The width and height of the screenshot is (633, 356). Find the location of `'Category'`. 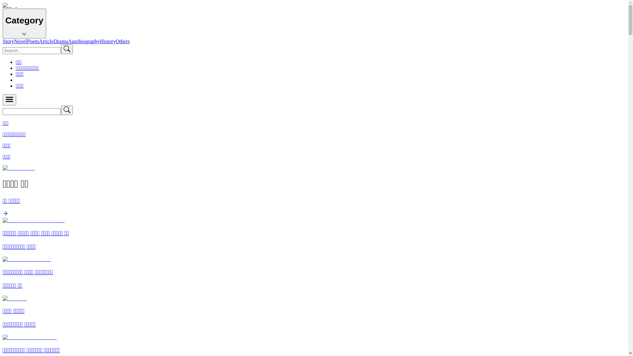

'Category' is located at coordinates (24, 23).